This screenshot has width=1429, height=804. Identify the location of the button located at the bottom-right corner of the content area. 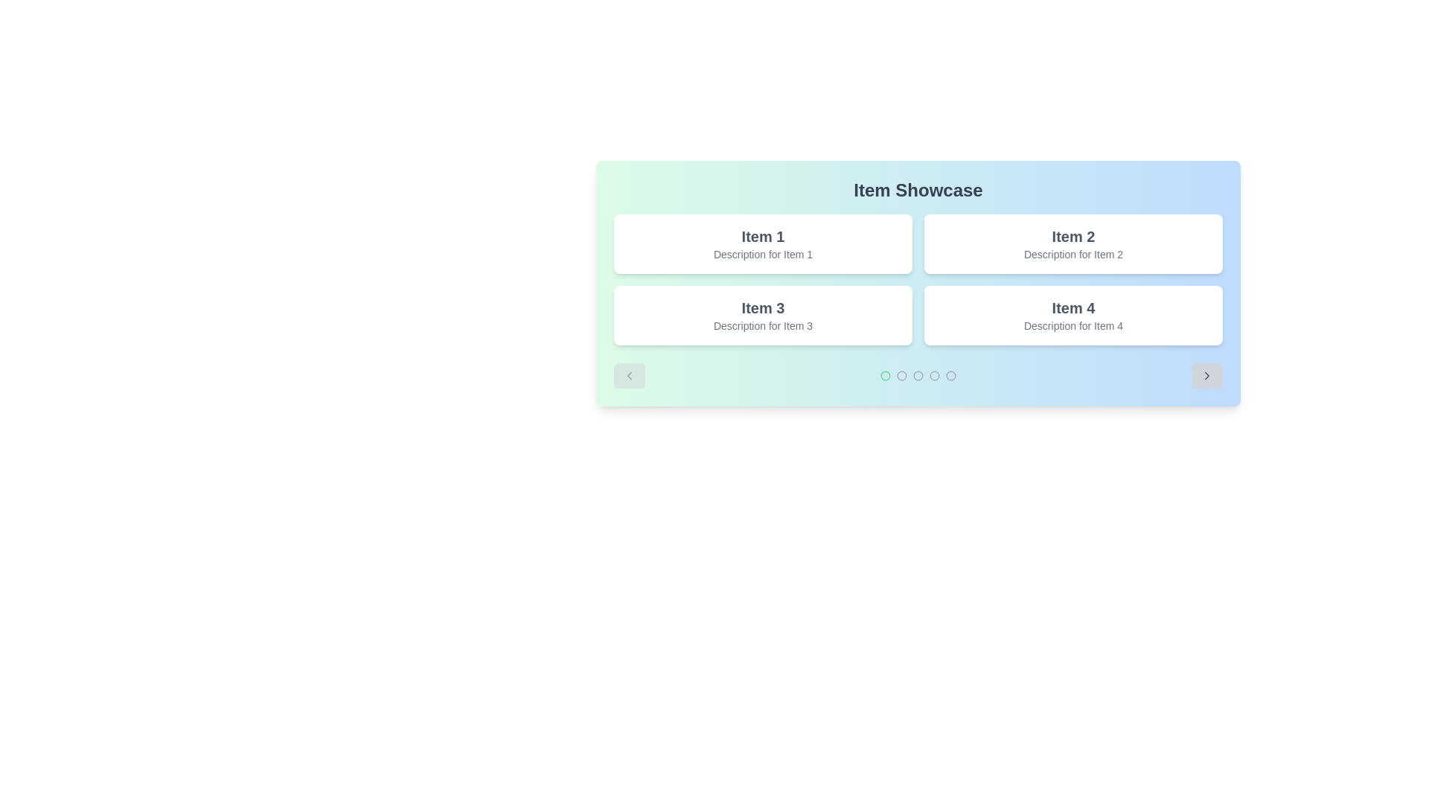
(1207, 375).